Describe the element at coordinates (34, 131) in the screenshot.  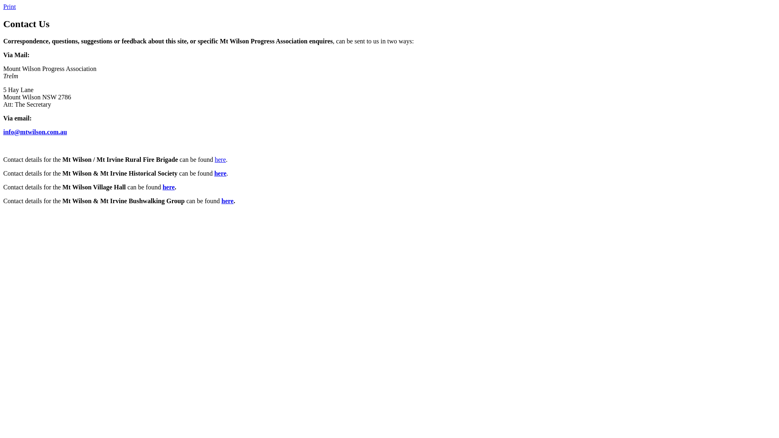
I see `'info@mtwilson.com.au'` at that location.